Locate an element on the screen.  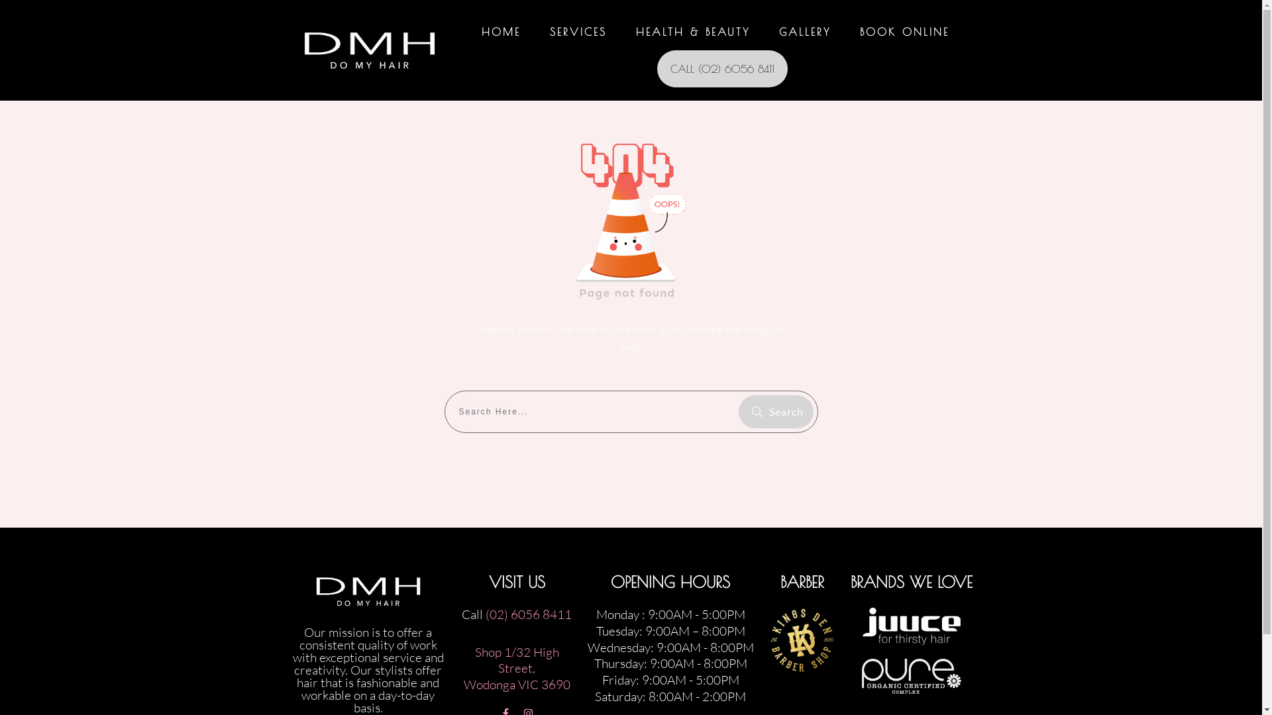
'BOOK ONLINE' is located at coordinates (904, 30).